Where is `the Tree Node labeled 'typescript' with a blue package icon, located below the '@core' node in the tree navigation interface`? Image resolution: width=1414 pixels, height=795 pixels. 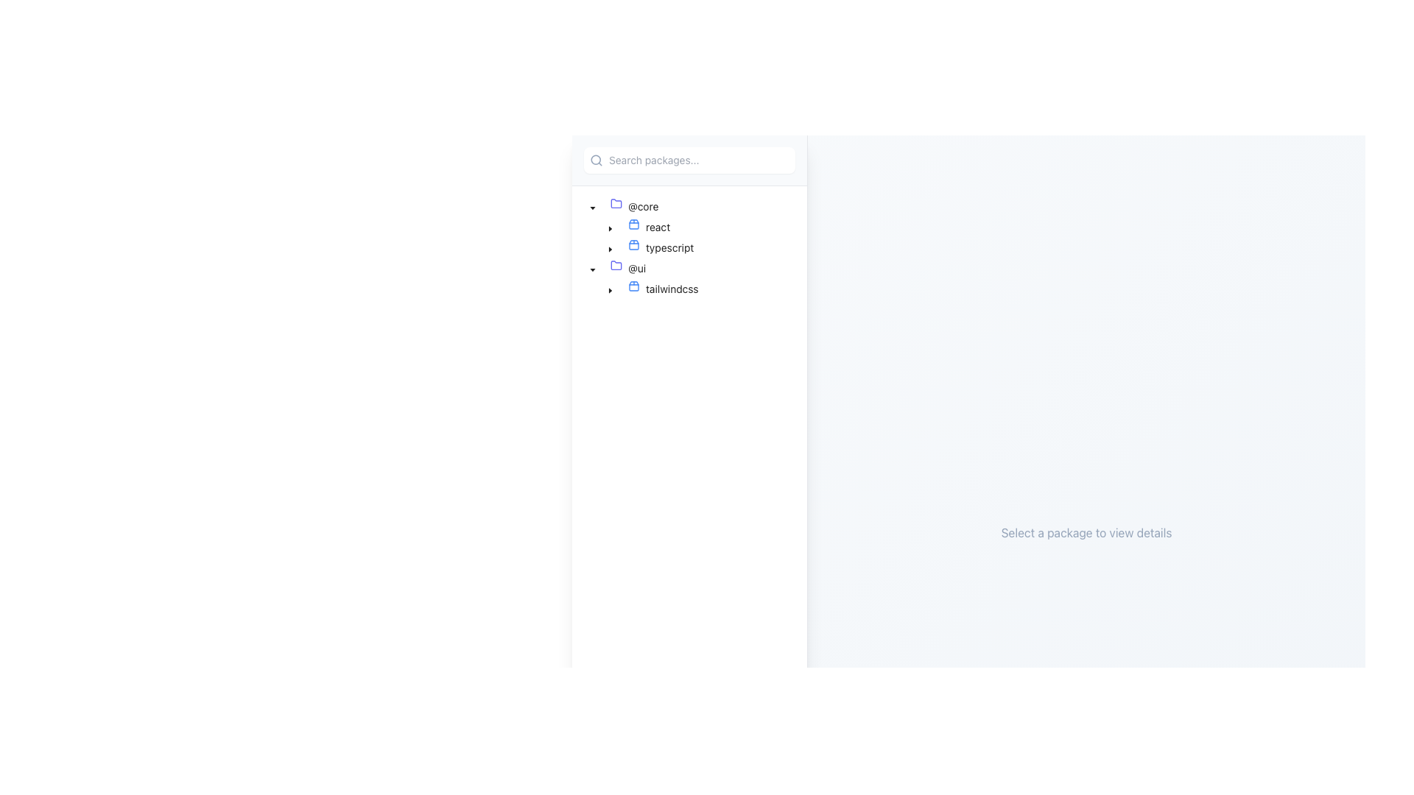 the Tree Node labeled 'typescript' with a blue package icon, located below the '@core' node in the tree navigation interface is located at coordinates (660, 247).